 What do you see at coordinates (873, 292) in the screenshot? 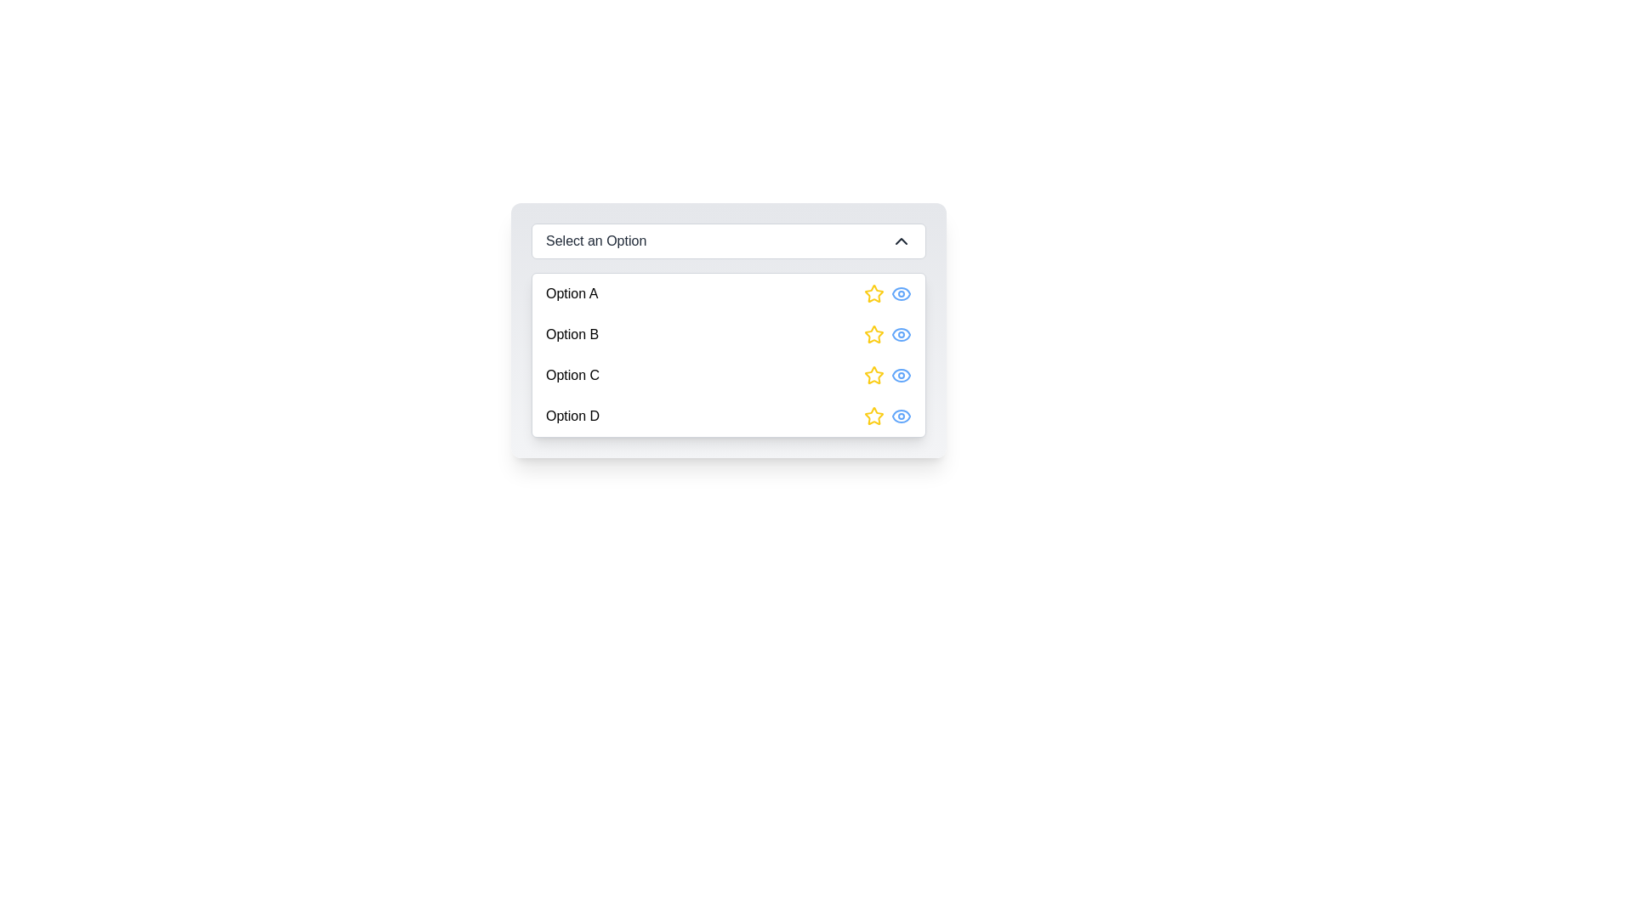
I see `the Rating icon styled as a star for 'Option A'` at bounding box center [873, 292].